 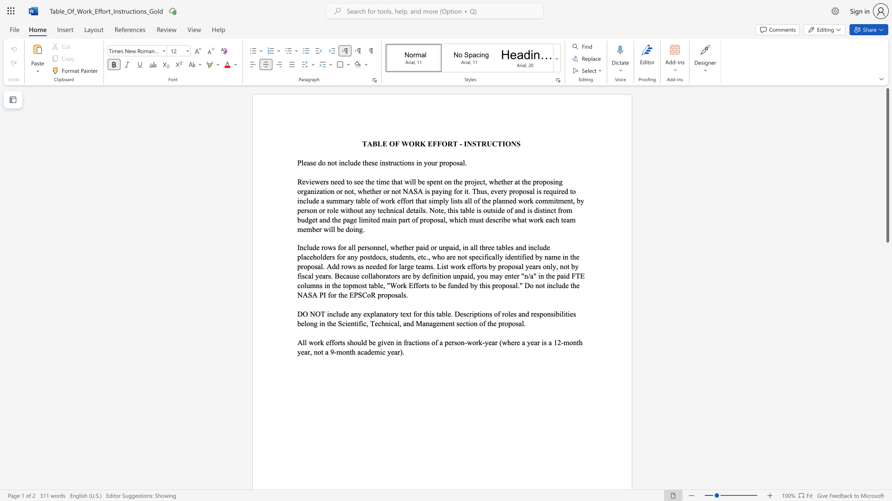 I want to click on the right-hand scrollbar to descend the page, so click(x=887, y=278).